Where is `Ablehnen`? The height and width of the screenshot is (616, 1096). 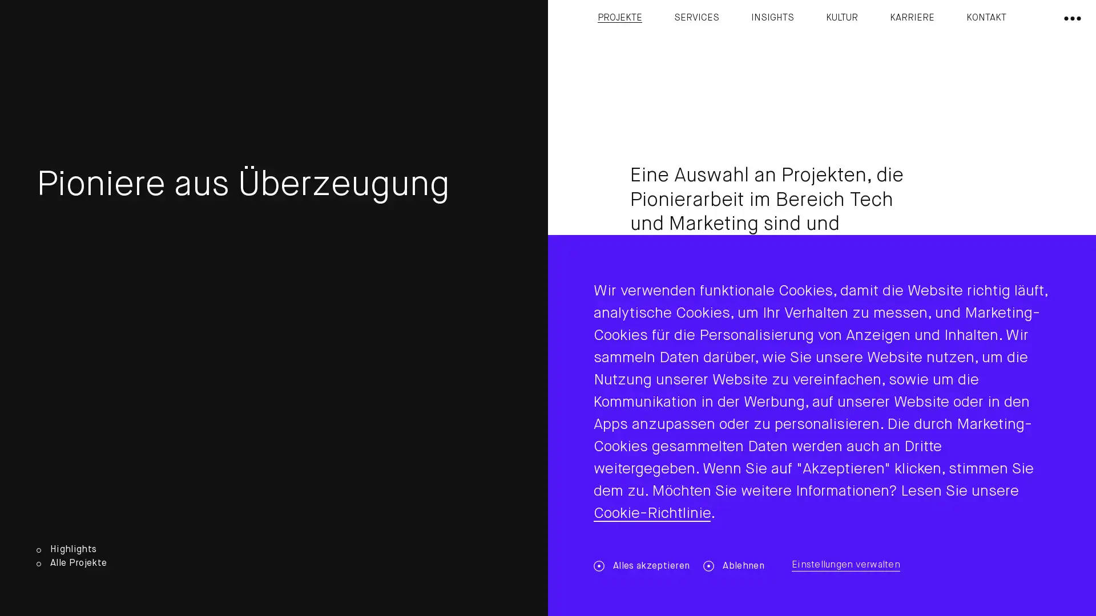
Ablehnen is located at coordinates (734, 566).